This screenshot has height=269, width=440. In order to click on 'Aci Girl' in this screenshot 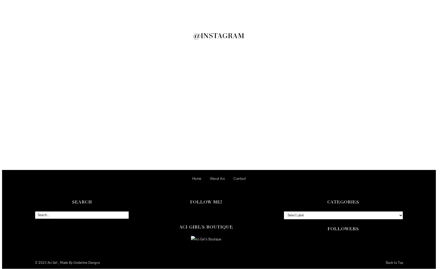, I will do `click(52, 263)`.